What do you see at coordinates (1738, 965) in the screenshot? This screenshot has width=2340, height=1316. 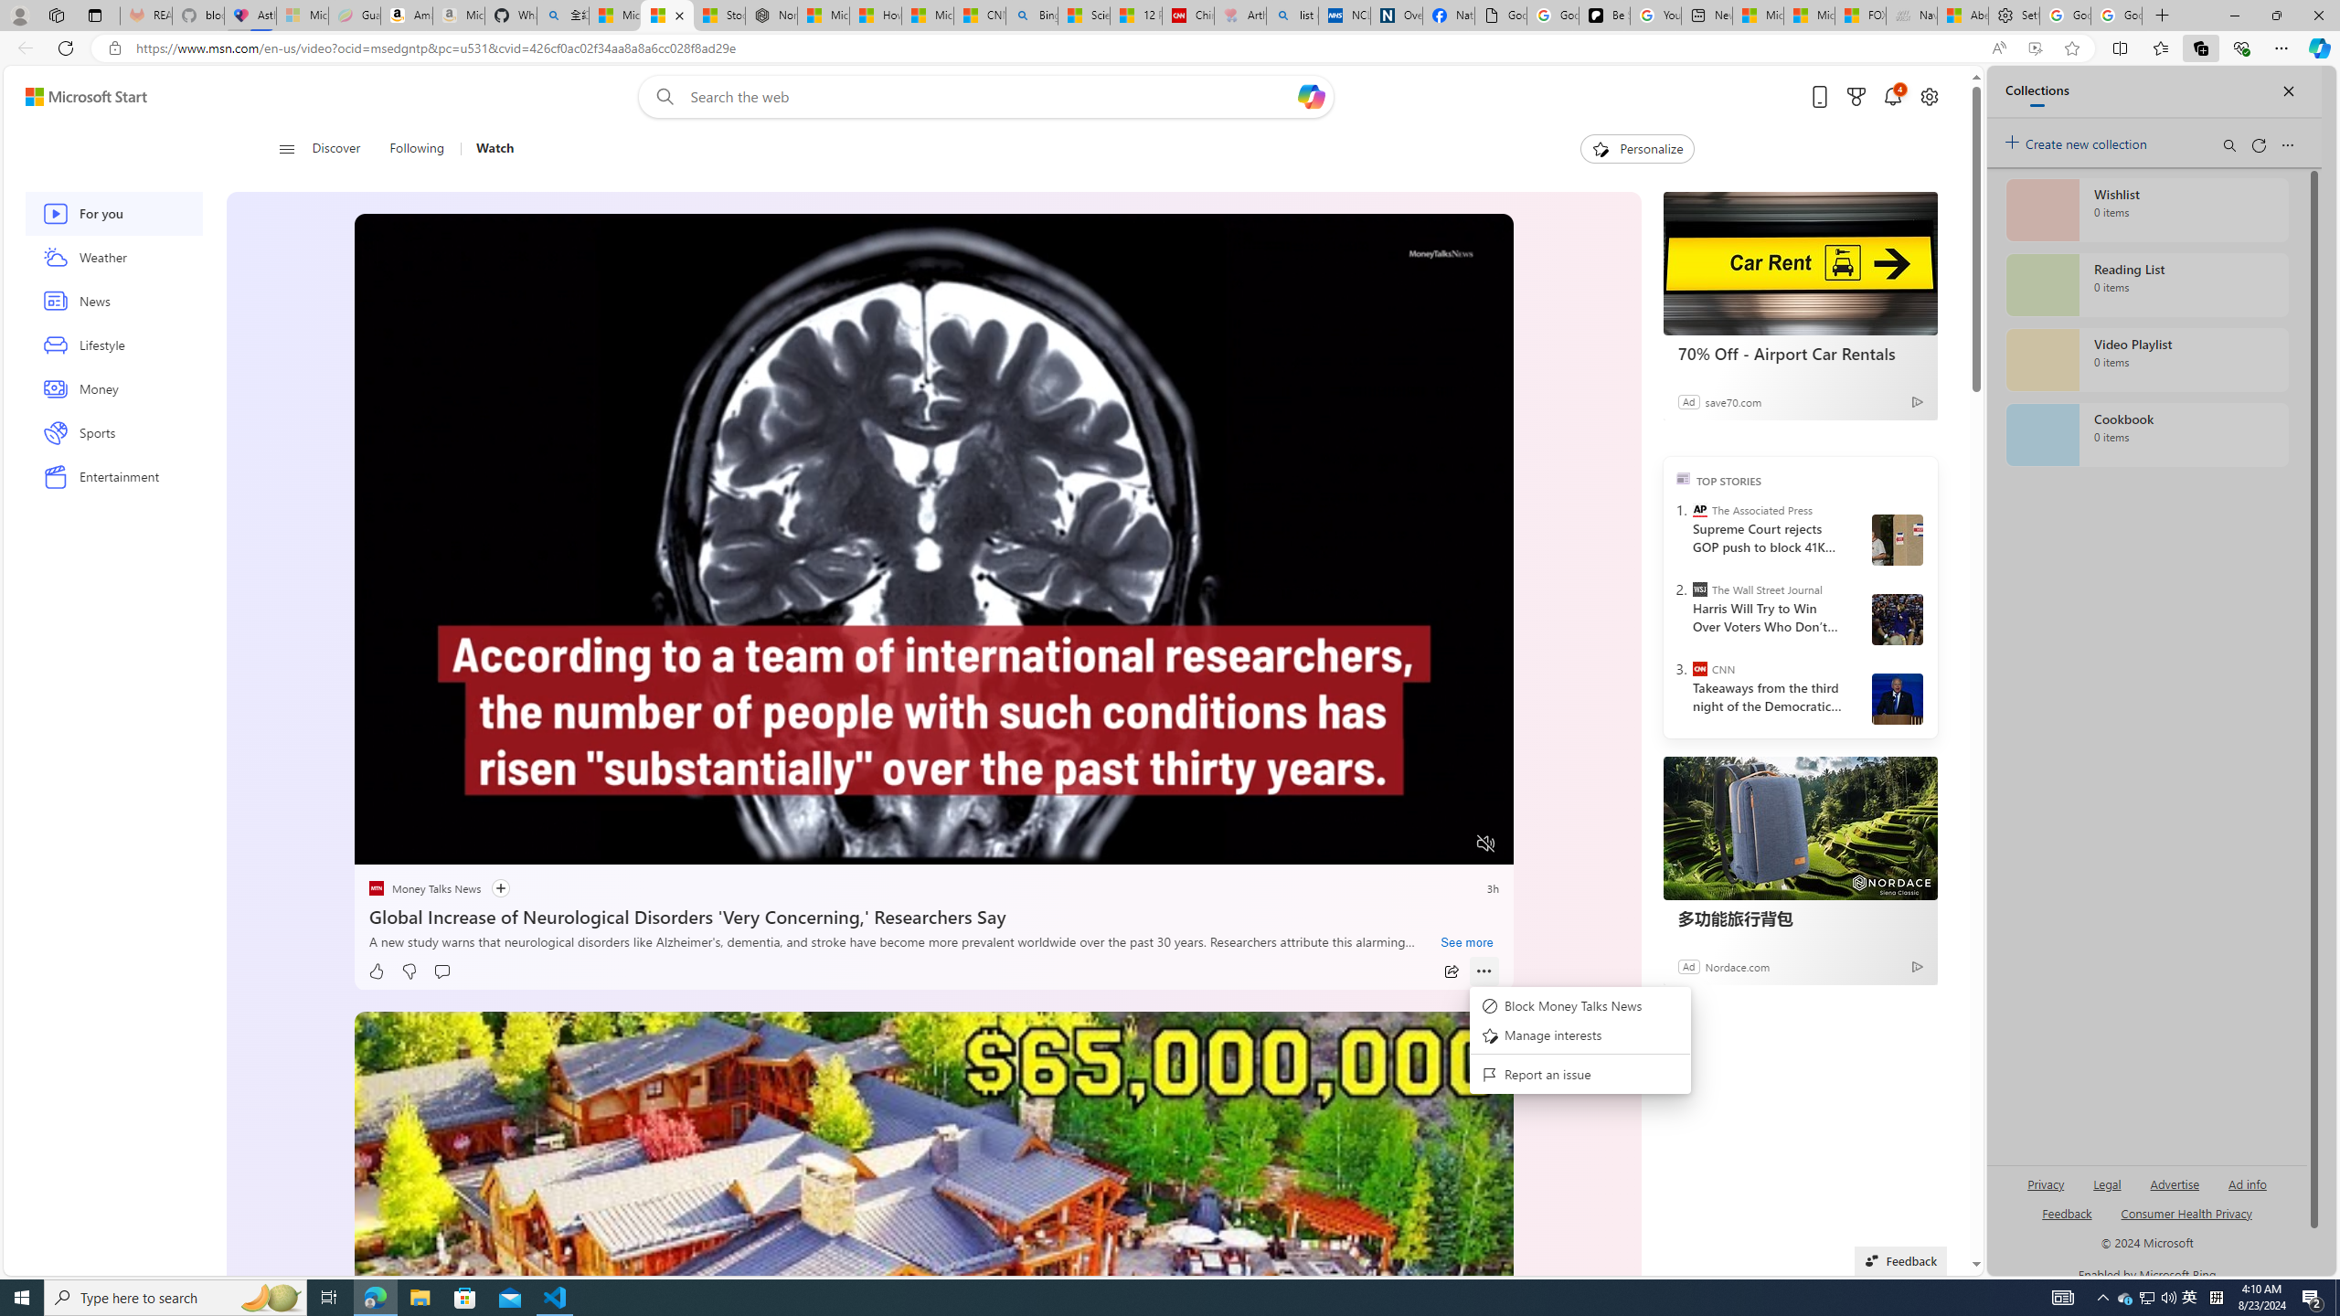 I see `'Nordace.com'` at bounding box center [1738, 965].